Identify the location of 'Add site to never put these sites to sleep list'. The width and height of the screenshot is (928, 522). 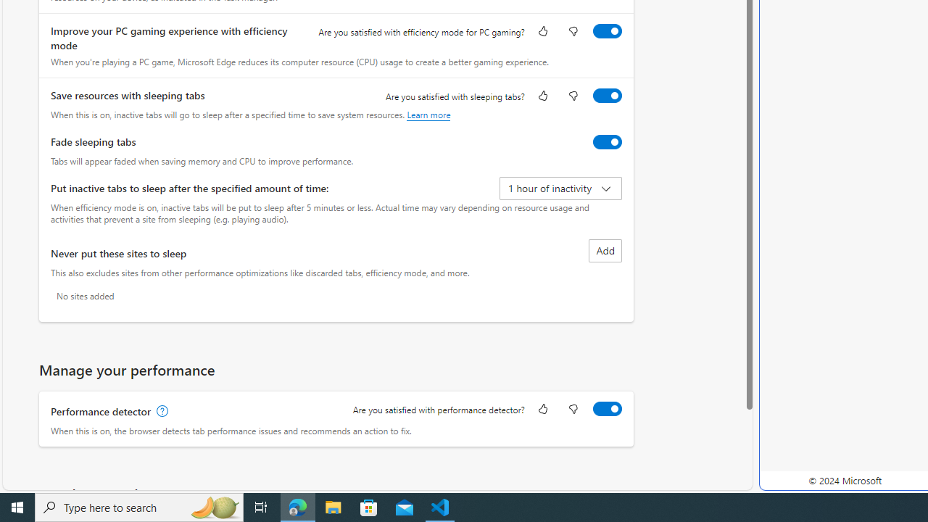
(605, 249).